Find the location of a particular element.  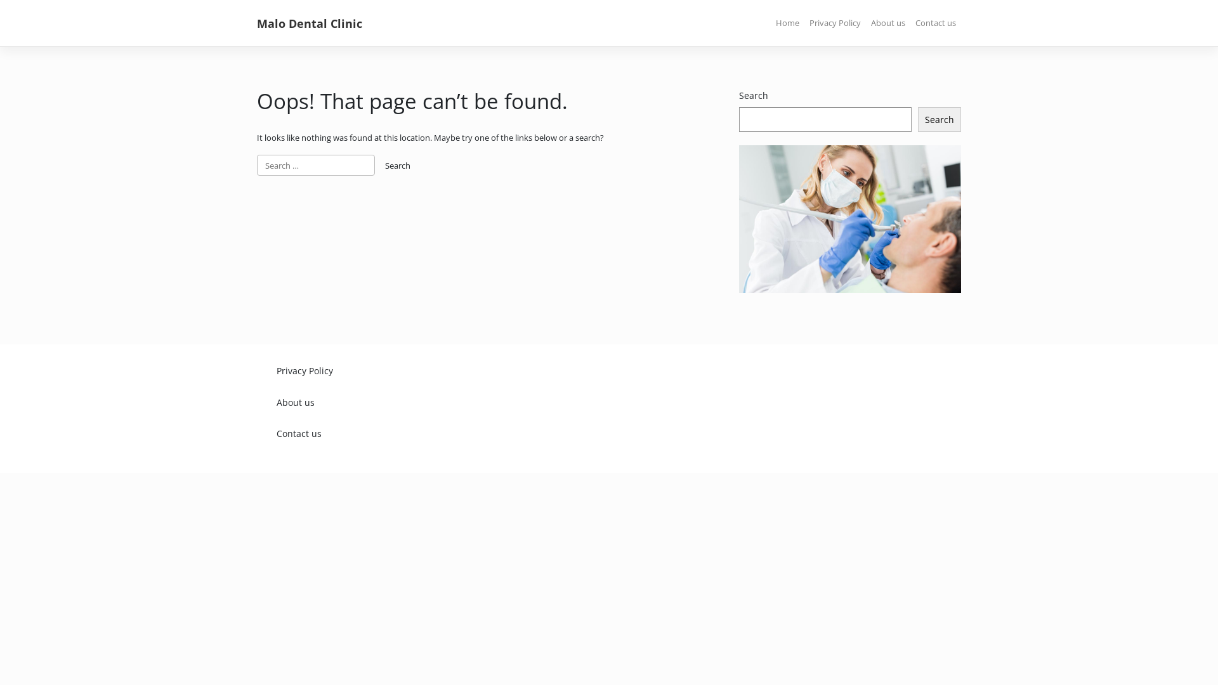

'Home' is located at coordinates (787, 23).